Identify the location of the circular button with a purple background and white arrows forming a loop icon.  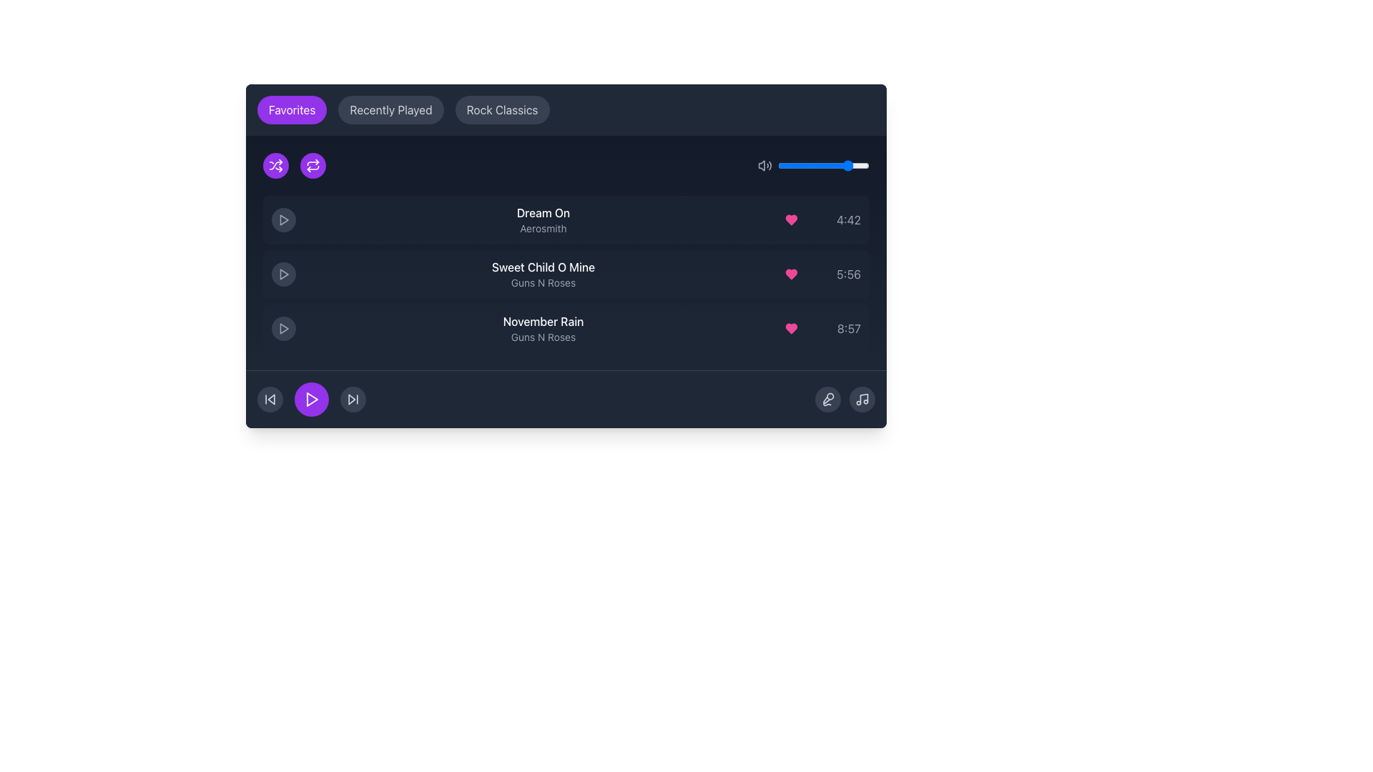
(312, 164).